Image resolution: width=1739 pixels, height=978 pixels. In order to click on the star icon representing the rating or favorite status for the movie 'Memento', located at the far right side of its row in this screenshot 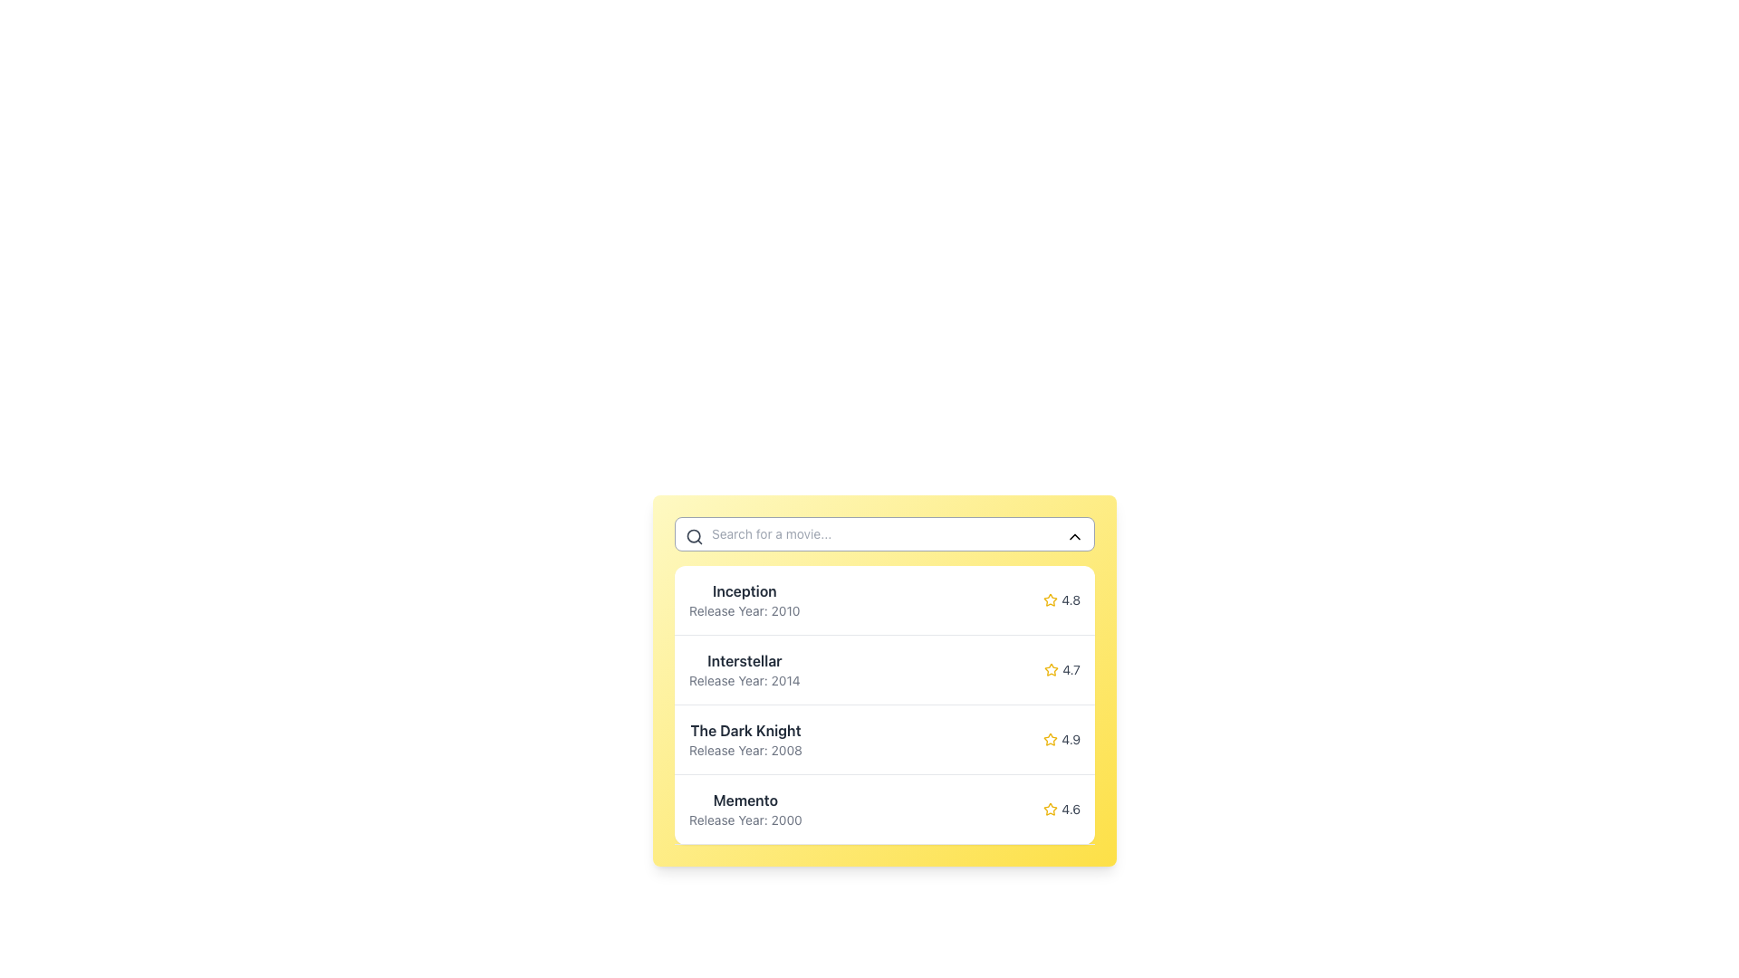, I will do `click(1051, 808)`.